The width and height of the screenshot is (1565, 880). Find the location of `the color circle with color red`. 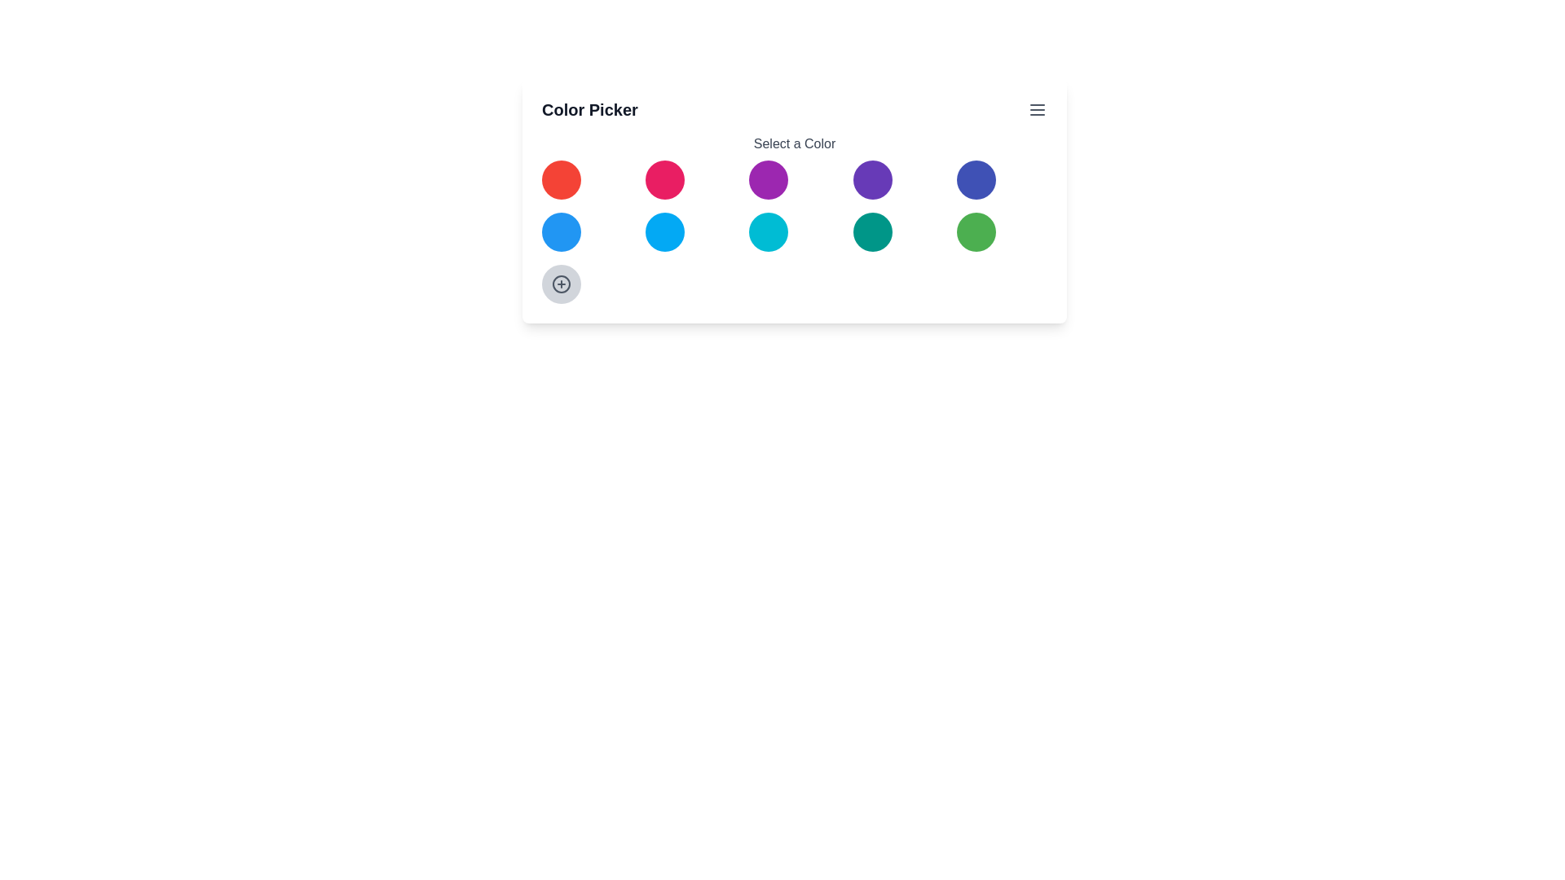

the color circle with color red is located at coordinates (562, 179).